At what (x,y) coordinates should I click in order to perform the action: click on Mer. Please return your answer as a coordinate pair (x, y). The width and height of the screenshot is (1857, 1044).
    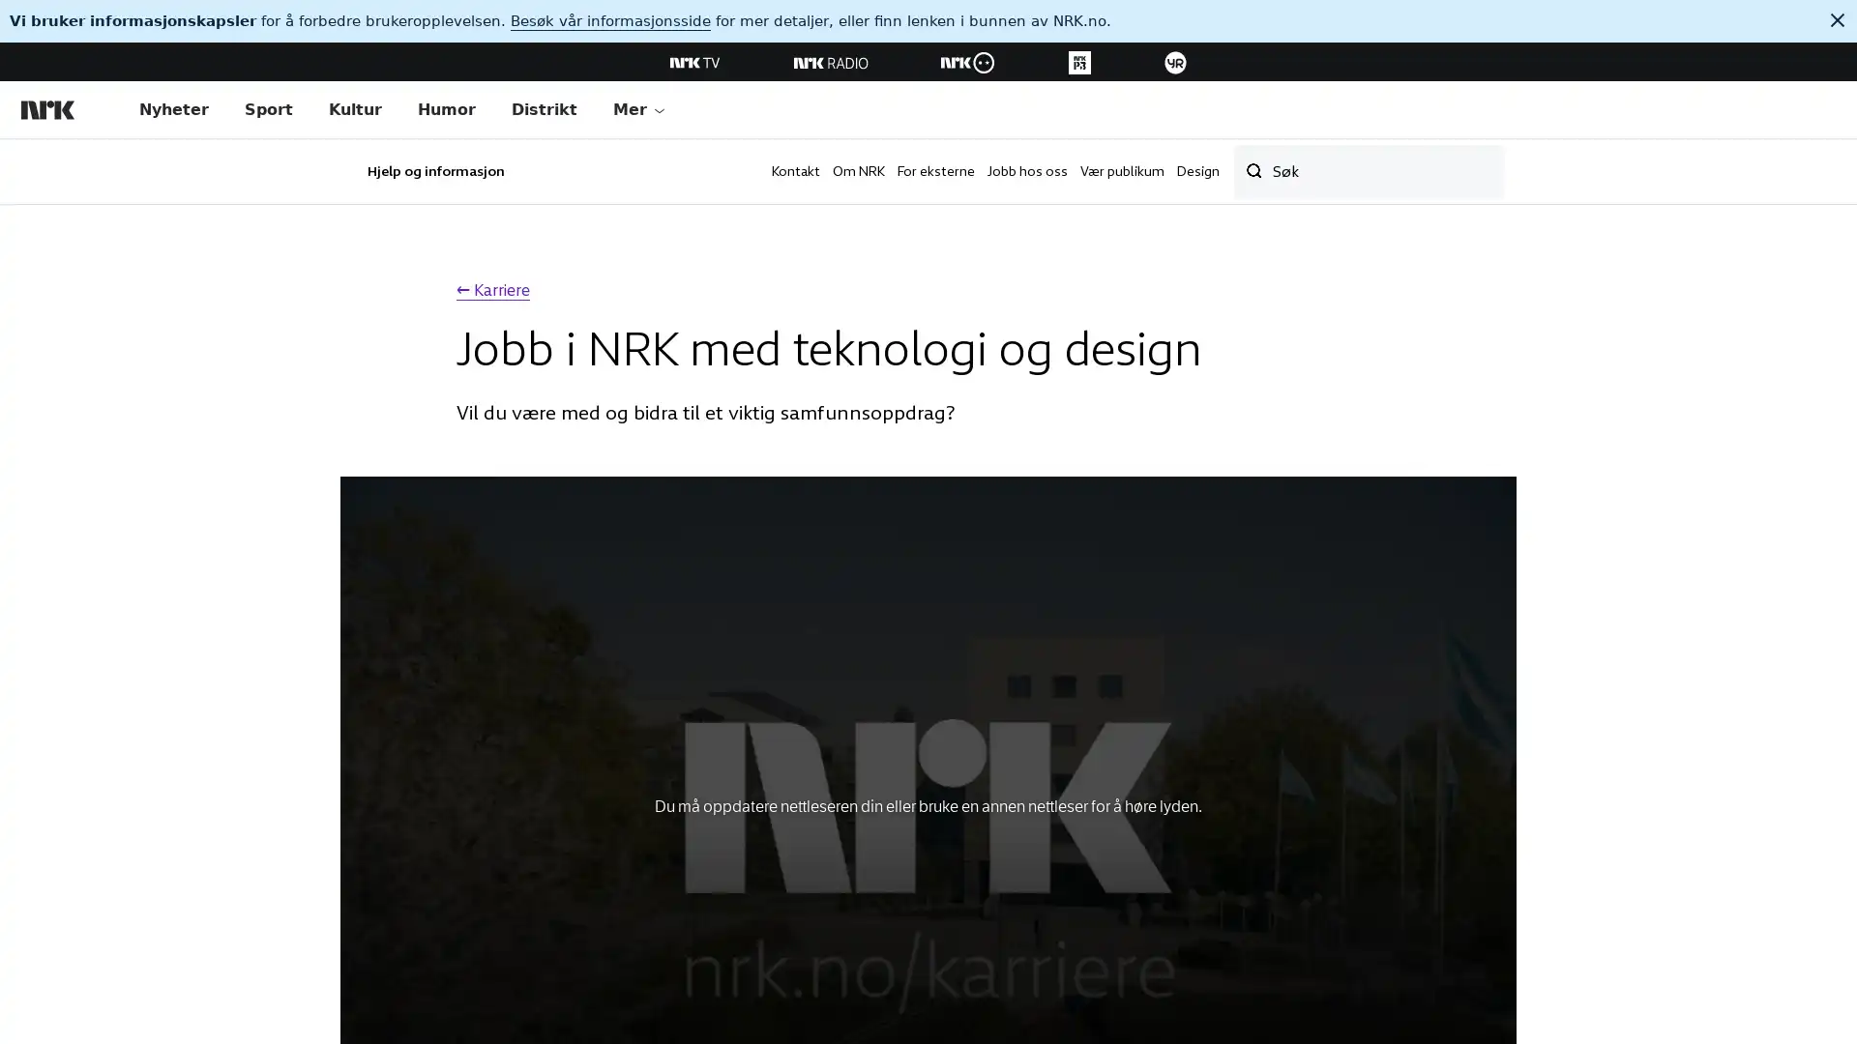
    Looking at the image, I should click on (639, 110).